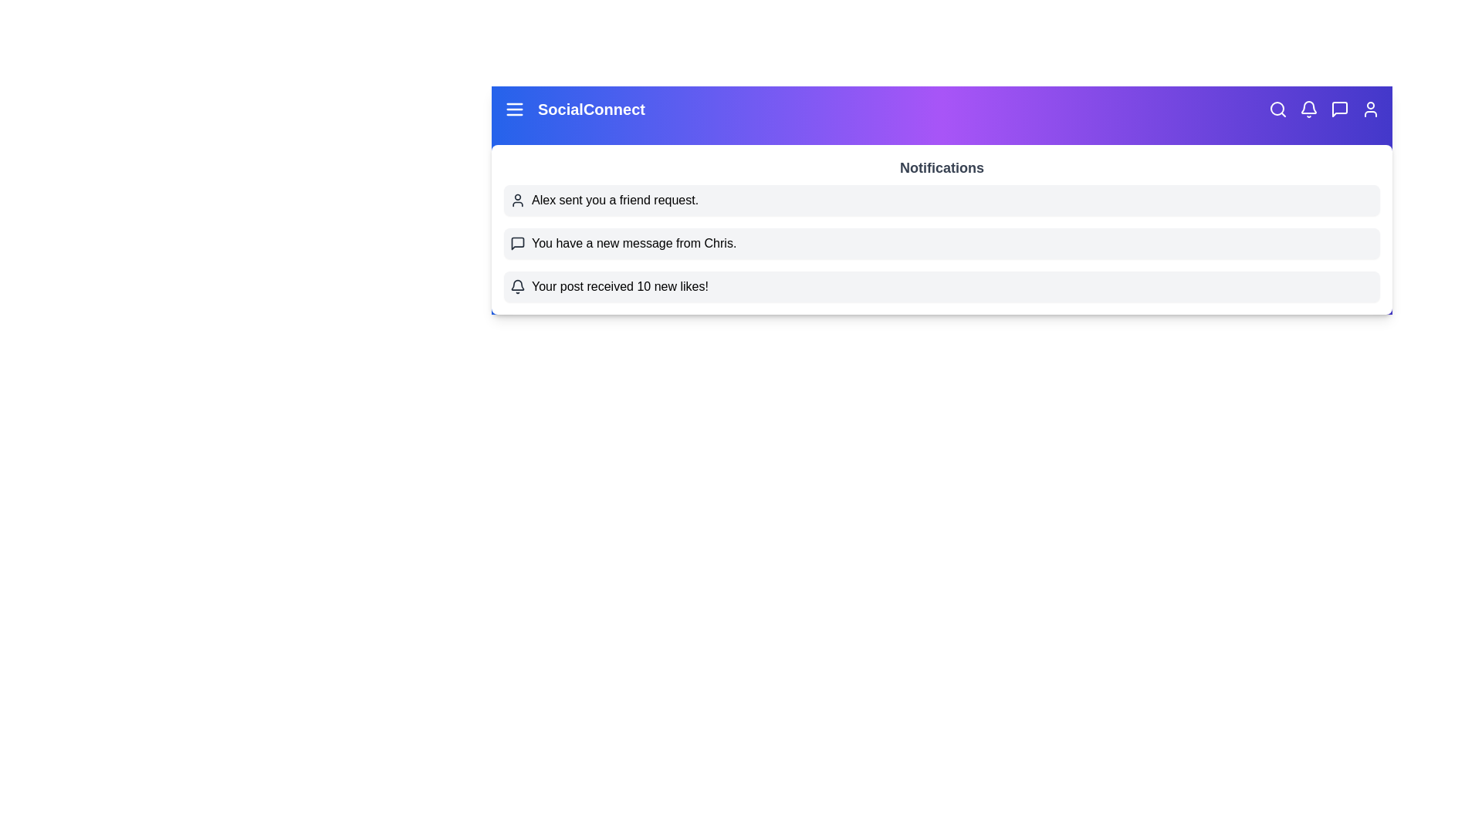  What do you see at coordinates (1371, 109) in the screenshot?
I see `the user icon to access the user profile` at bounding box center [1371, 109].